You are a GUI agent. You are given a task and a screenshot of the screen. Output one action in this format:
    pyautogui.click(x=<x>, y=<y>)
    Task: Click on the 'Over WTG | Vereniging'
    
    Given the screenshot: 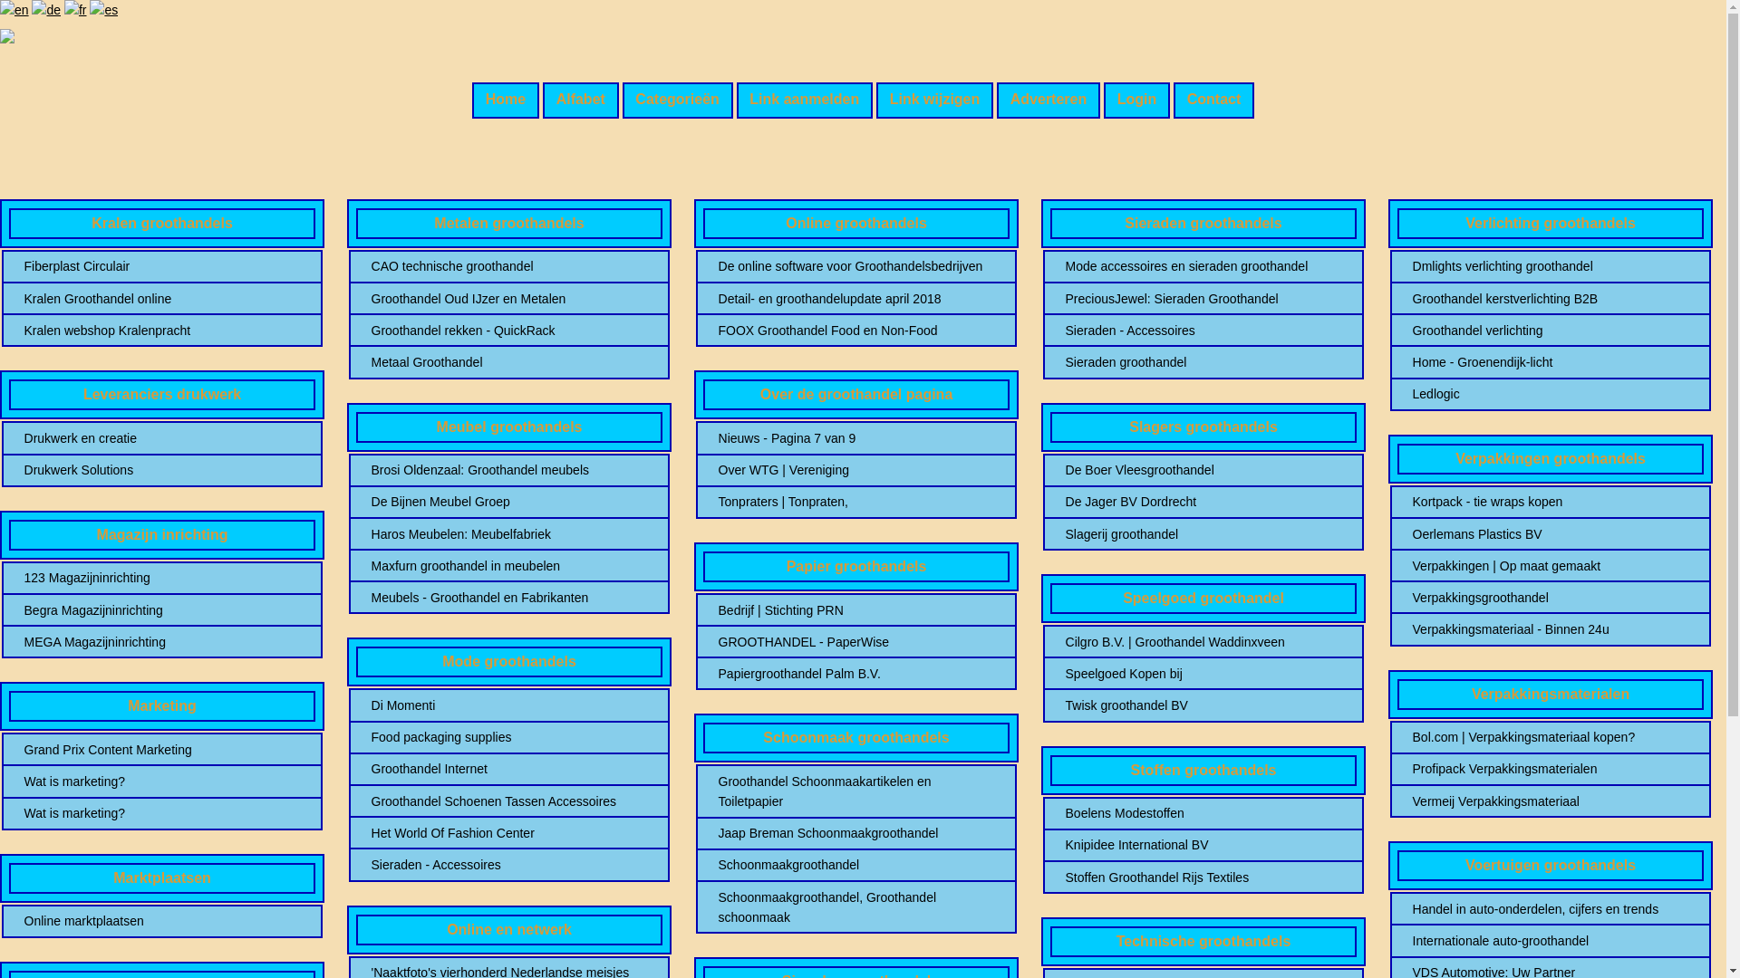 What is the action you would take?
    pyautogui.click(x=855, y=469)
    